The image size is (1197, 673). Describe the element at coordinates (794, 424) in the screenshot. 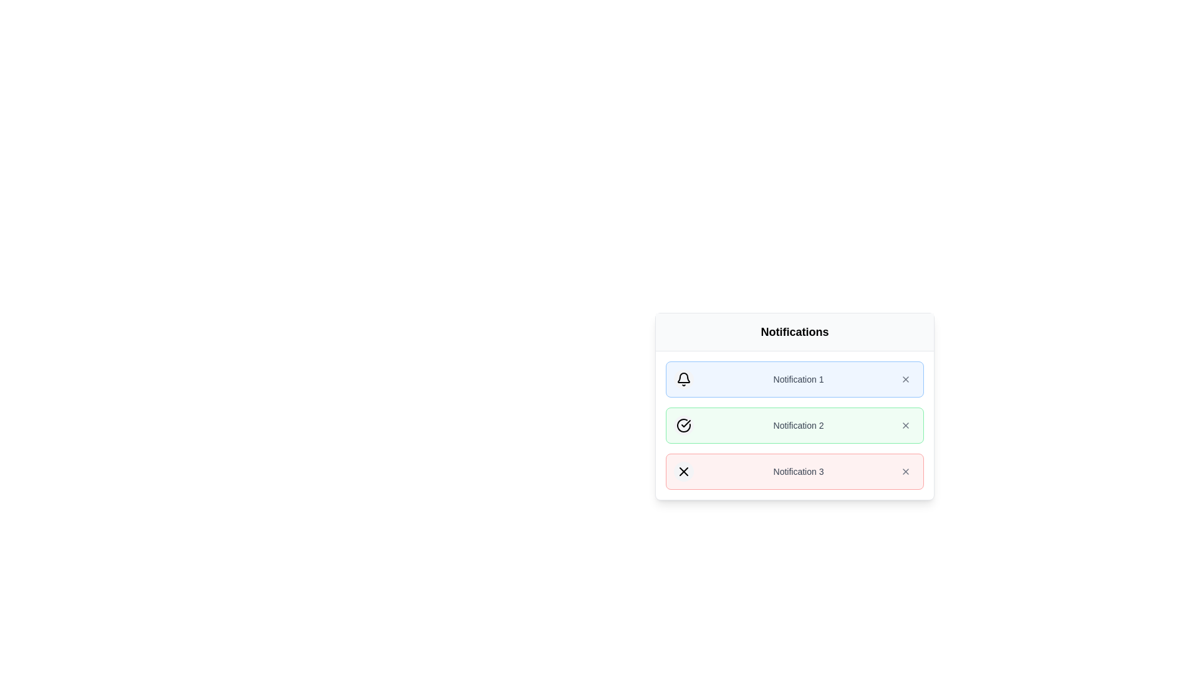

I see `the second notification item, which has a light green background, a checkmark icon on the left, and the text 'Notification 2' in the center` at that location.